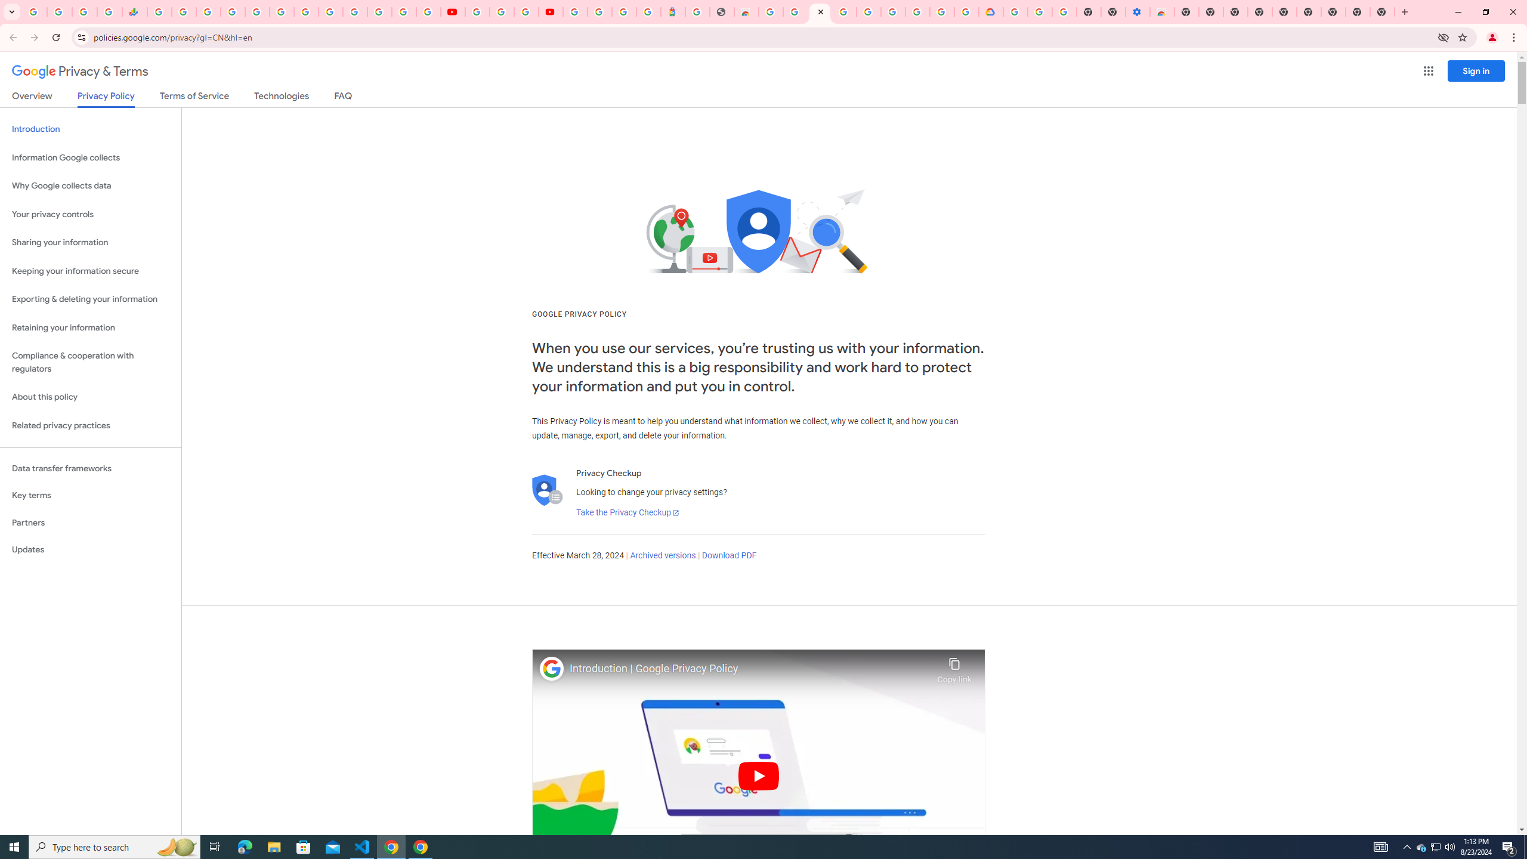 Image resolution: width=1527 pixels, height=859 pixels. I want to click on 'Atour Hotel - Google hotels', so click(672, 11).